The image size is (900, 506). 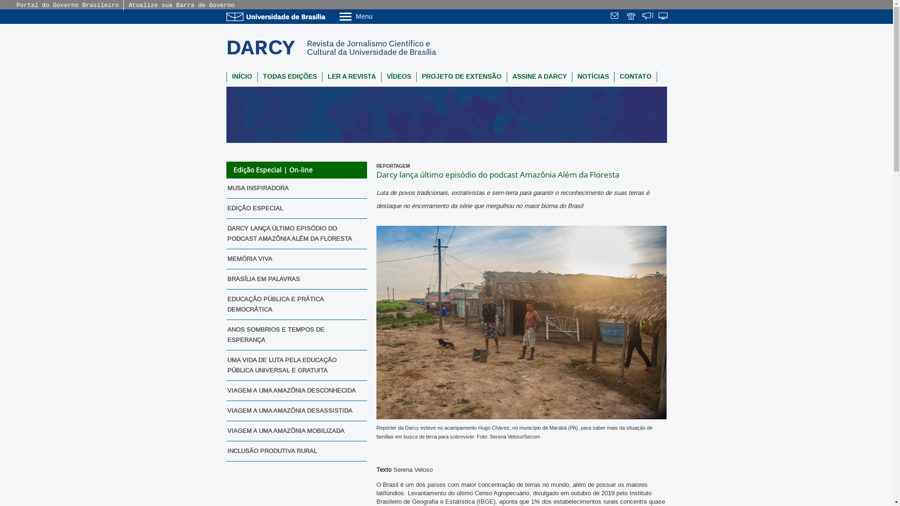 I want to click on 'Menu', so click(x=379, y=16).